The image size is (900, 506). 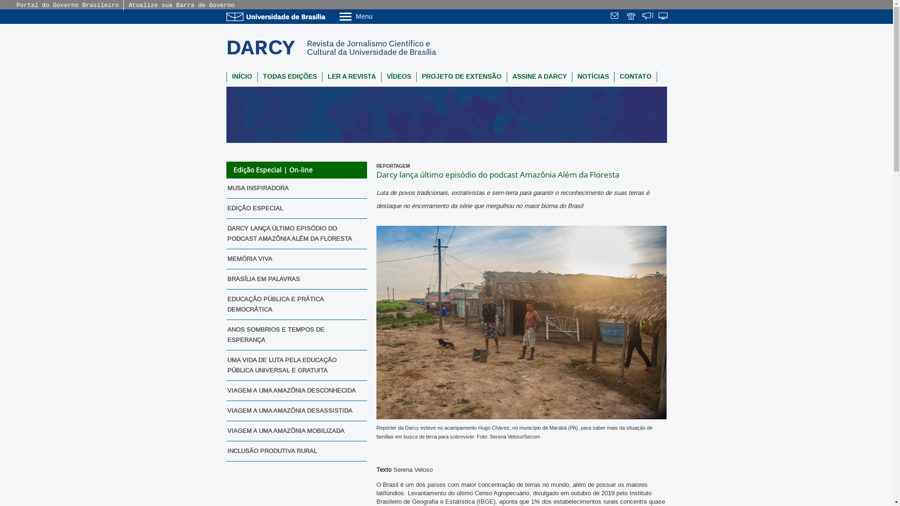 I want to click on 'Menu', so click(x=379, y=16).